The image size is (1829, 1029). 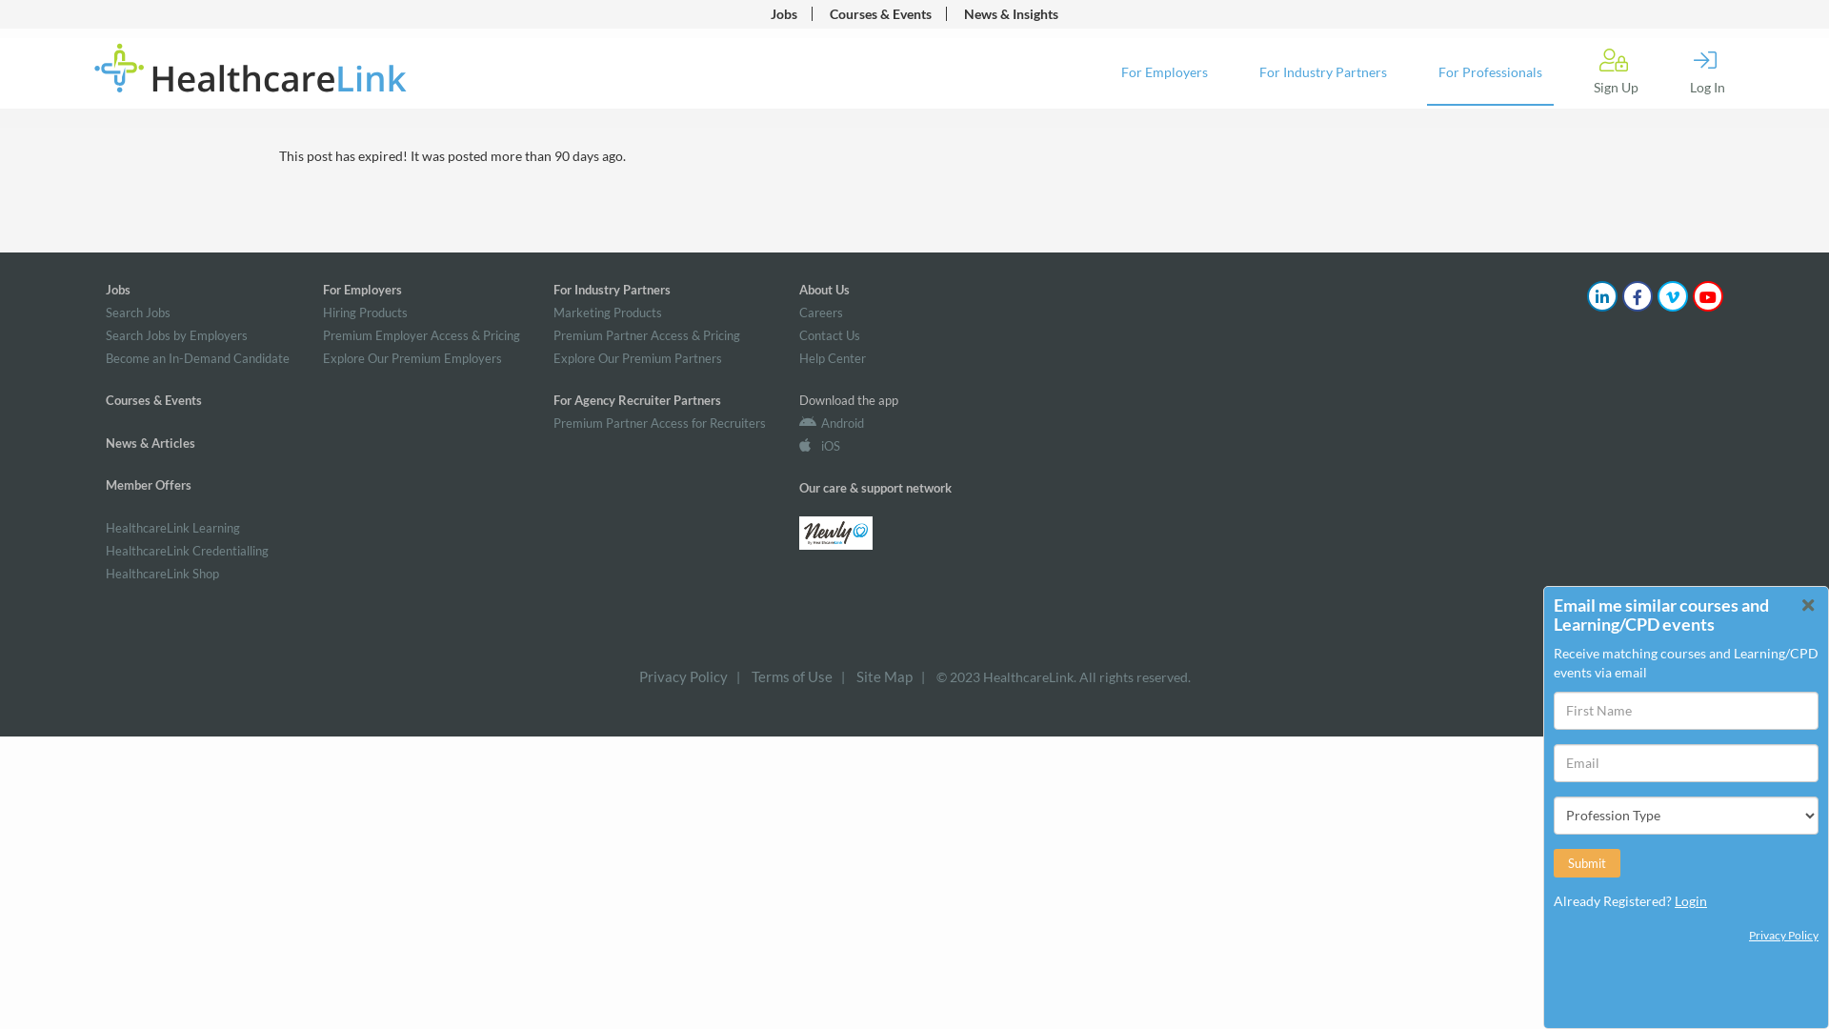 What do you see at coordinates (819, 445) in the screenshot?
I see `'iOS'` at bounding box center [819, 445].